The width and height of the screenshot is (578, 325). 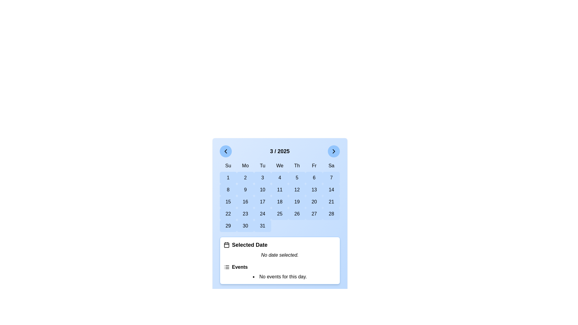 I want to click on the rectangular button with rounded corners and a light blue background that displays the number '19', so click(x=297, y=202).